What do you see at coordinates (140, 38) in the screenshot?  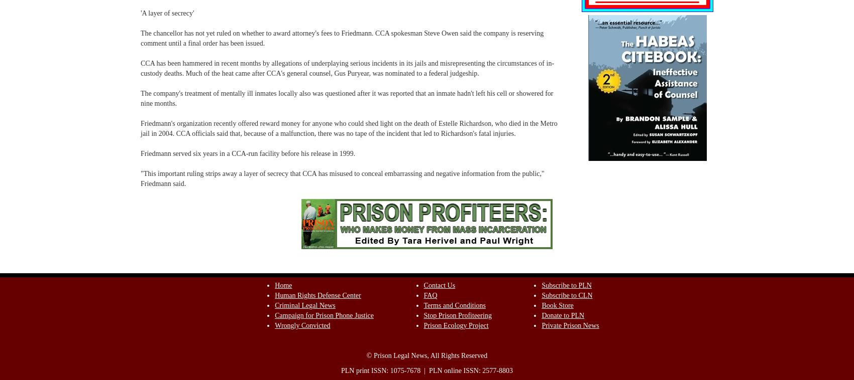 I see `'The chancellor has not yet ruled on whether to award attorney's fees to Friedmann. CCA spokesman Steve Owen said the company is reserving comment until a final order has been issued.'` at bounding box center [140, 38].